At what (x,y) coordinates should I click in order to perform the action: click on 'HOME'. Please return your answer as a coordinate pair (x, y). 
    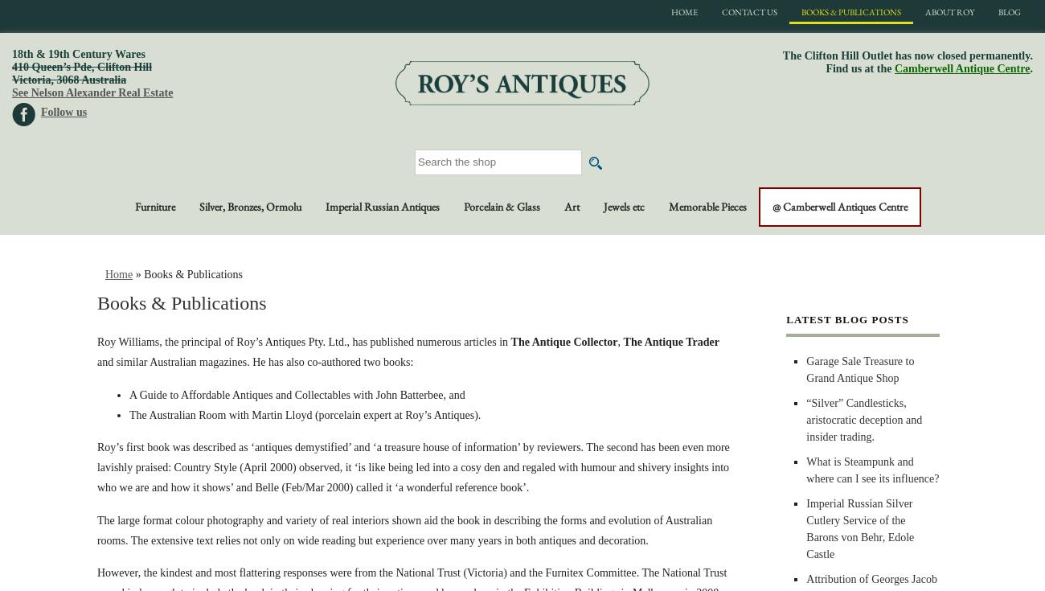
    Looking at the image, I should click on (684, 10).